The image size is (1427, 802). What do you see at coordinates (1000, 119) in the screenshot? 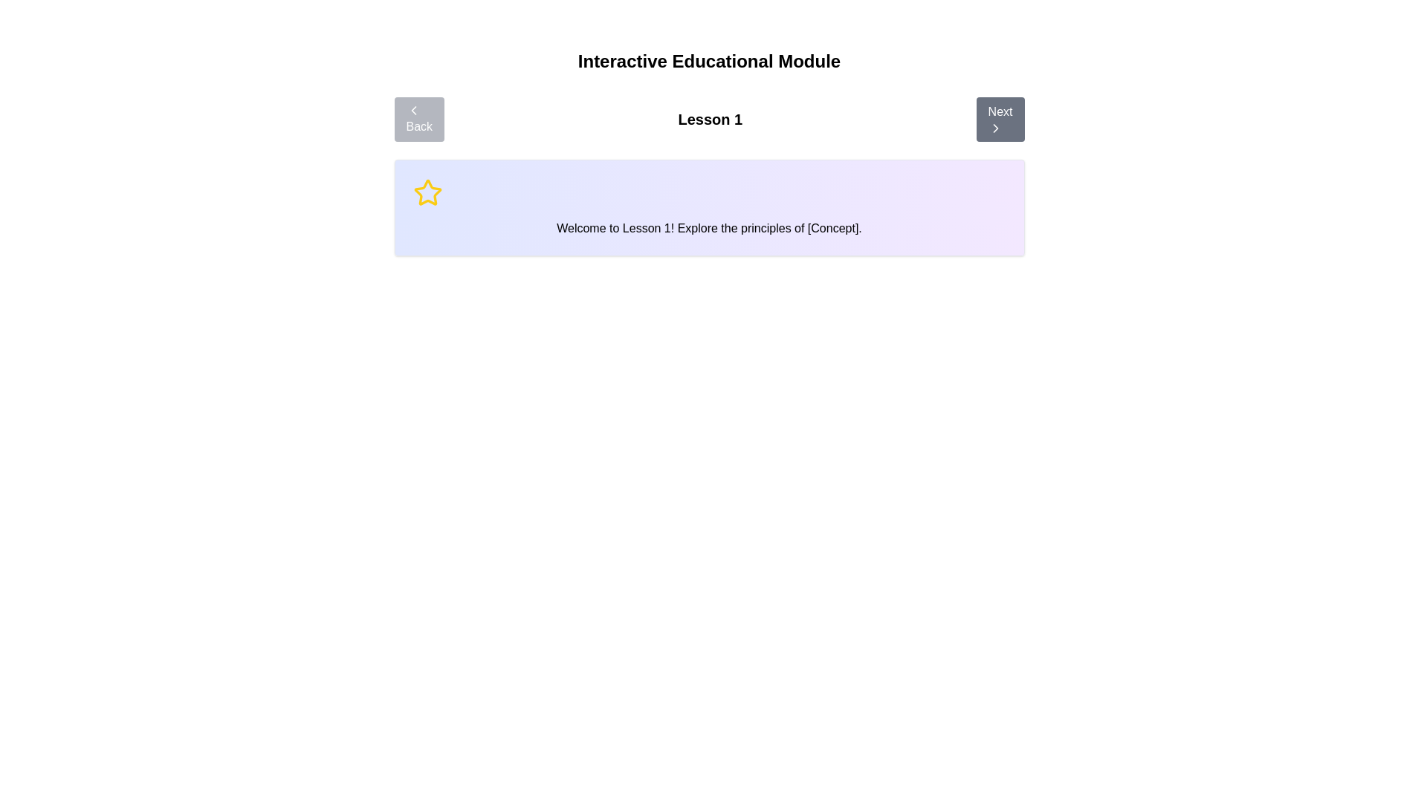
I see `Next button to navigate through the steps of the module` at bounding box center [1000, 119].